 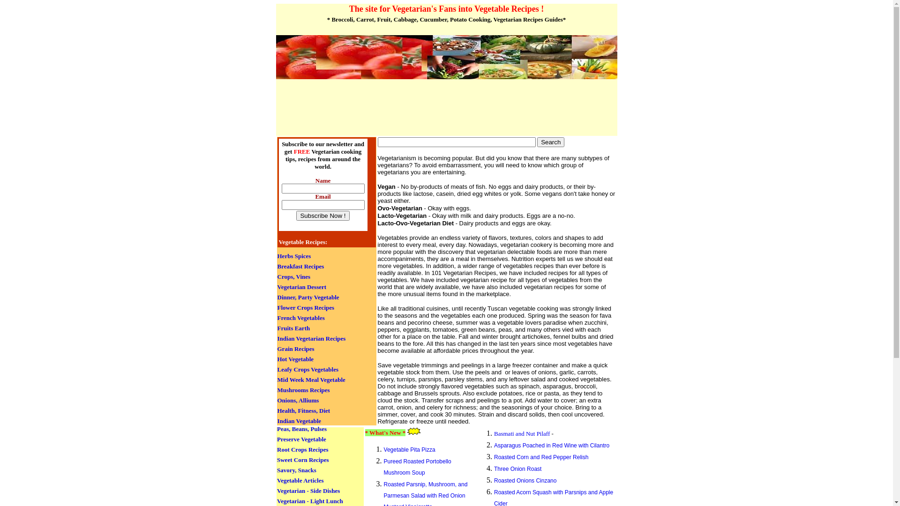 I want to click on 'Leafy Crops Vegetables', so click(x=308, y=369).